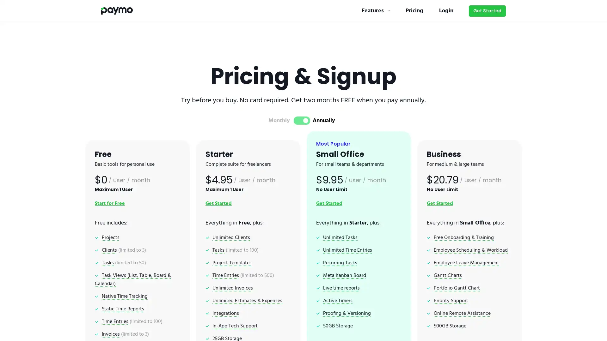  What do you see at coordinates (487, 11) in the screenshot?
I see `Get Started` at bounding box center [487, 11].